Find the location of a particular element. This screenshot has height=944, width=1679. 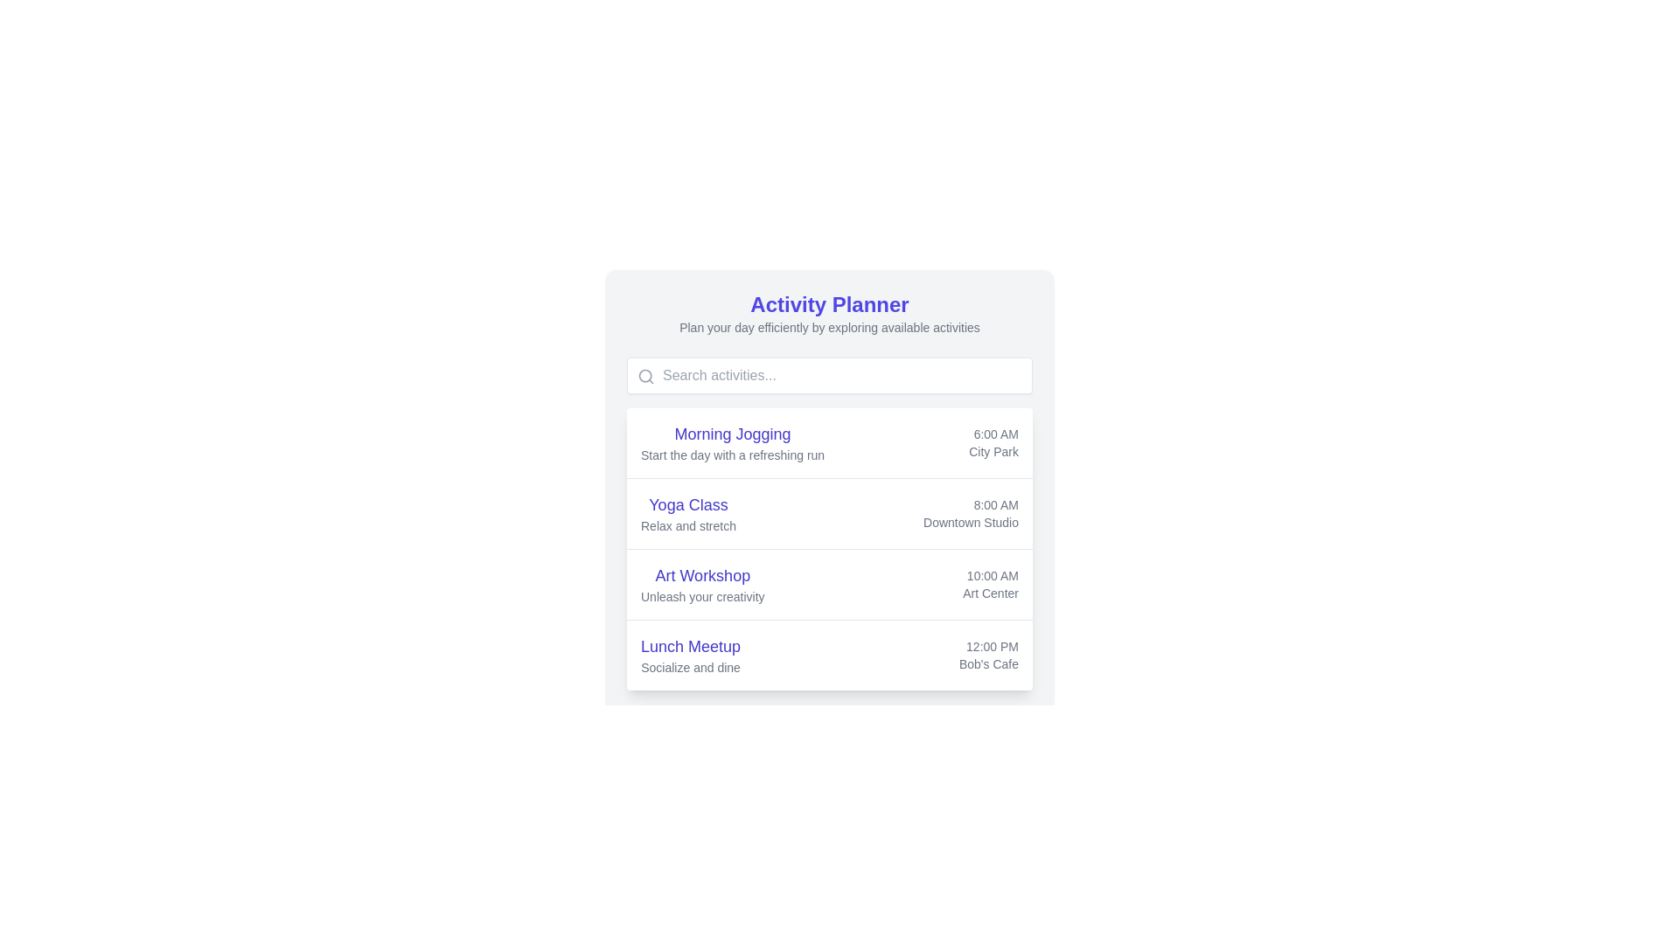

the text block displaying 'Yoga Class' in indigo font, which is located in the 'Activity Planner' panel, below 'Morning Jogging' and above 'Art Workshop' is located at coordinates (687, 512).